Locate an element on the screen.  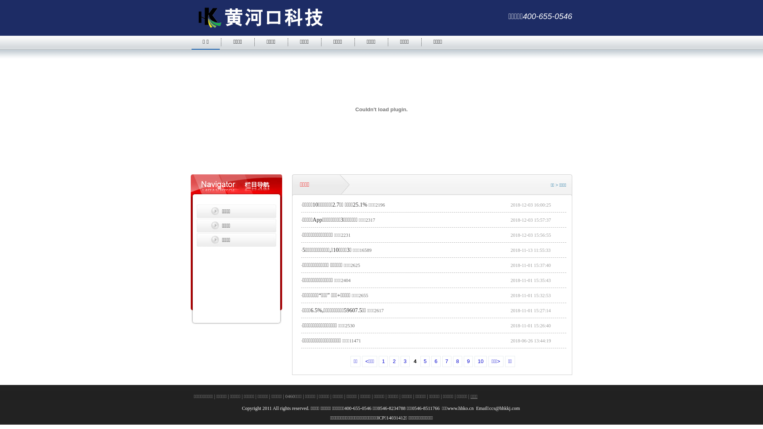
'10' is located at coordinates (480, 361).